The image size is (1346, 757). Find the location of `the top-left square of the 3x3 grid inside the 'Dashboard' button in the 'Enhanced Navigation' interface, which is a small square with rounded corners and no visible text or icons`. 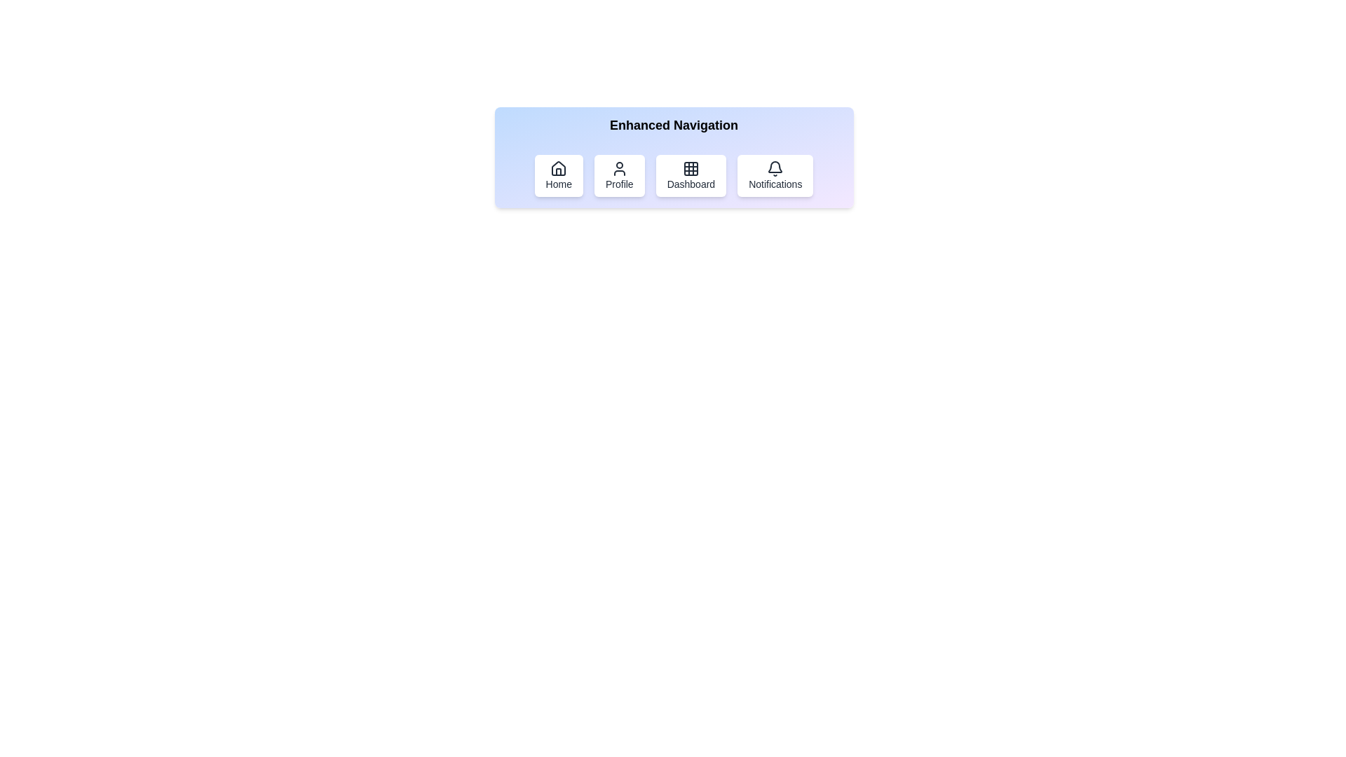

the top-left square of the 3x3 grid inside the 'Dashboard' button in the 'Enhanced Navigation' interface, which is a small square with rounded corners and no visible text or icons is located at coordinates (691, 168).